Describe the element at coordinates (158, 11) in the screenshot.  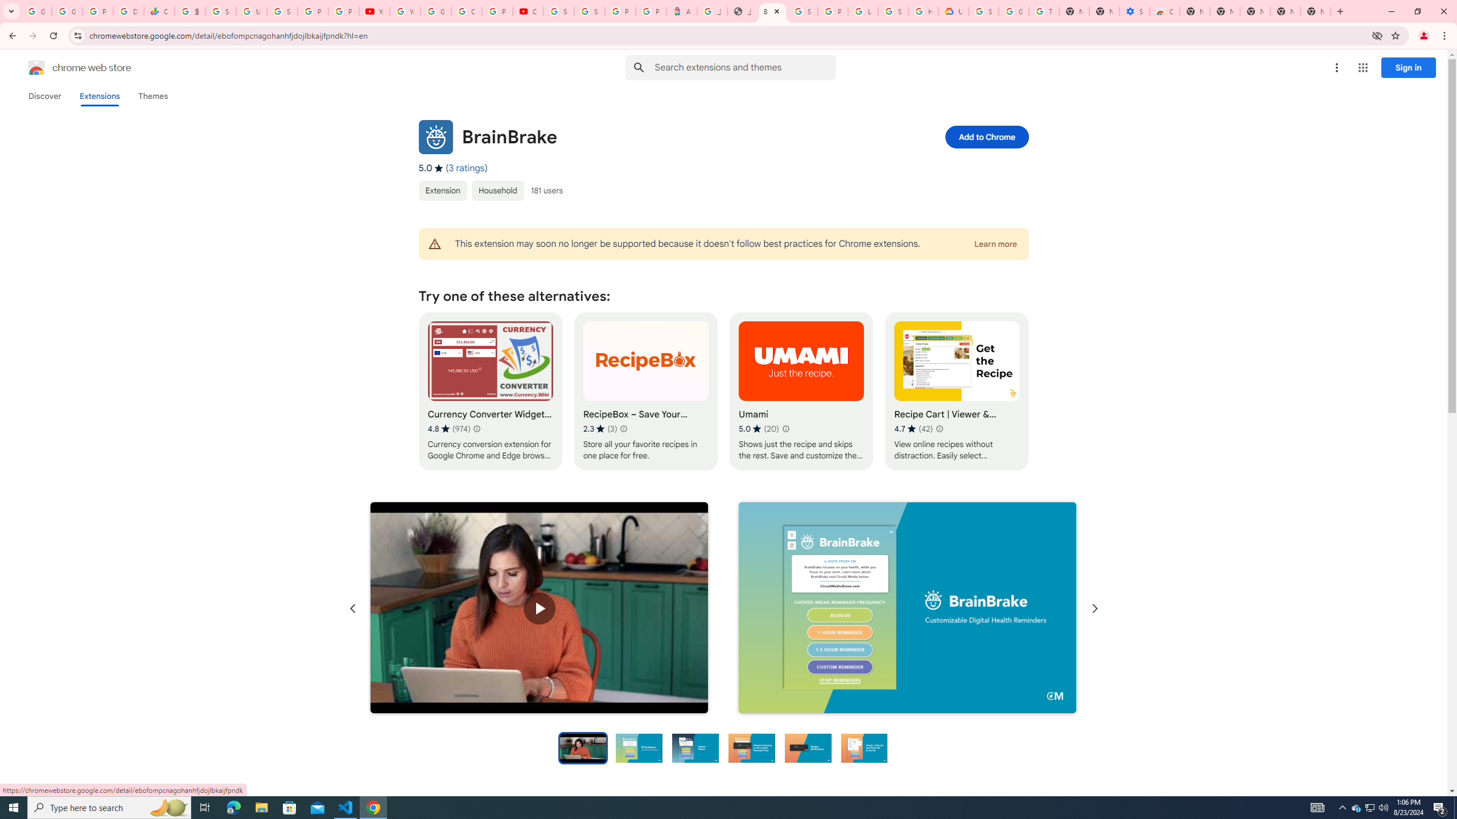
I see `'Currencies - Google Finance'` at that location.